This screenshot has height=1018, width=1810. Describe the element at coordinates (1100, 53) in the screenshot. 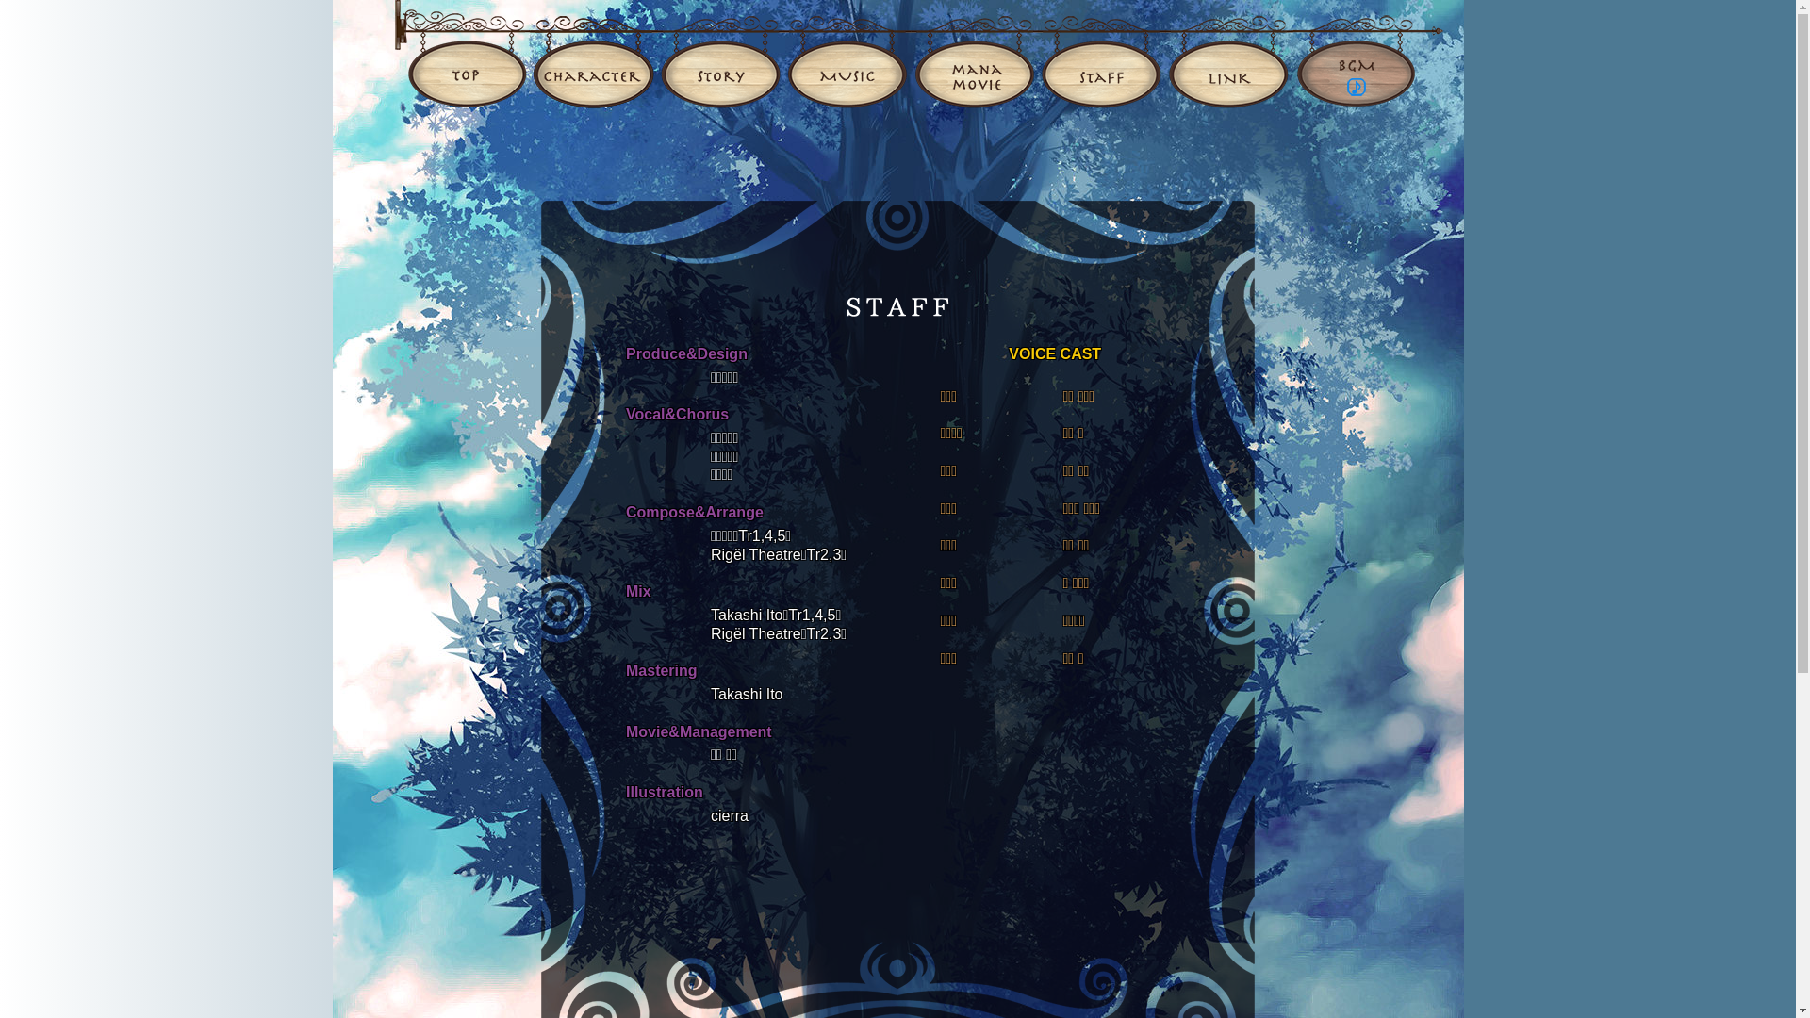

I see `'STAFF'` at that location.